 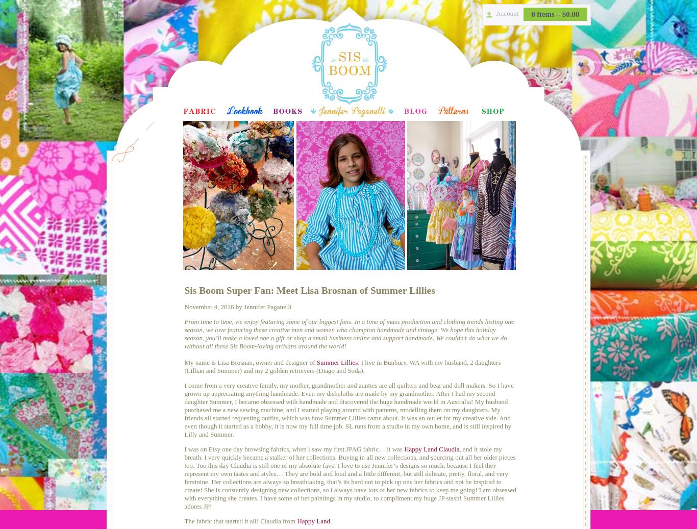 What do you see at coordinates (348, 334) in the screenshot?
I see `'From time to time, we enjoy featuring some of our biggest fans. In a time of mass production and clothing trends lasting one season, we love featuring these creative men and women who champion handmade and vintage. We hope this holiday season, you’ll make a loved one a gift or shop a small business online and support handmade. We couldn’t do what we do without all these Sis Boom-loving artisans around the world!'` at bounding box center [348, 334].